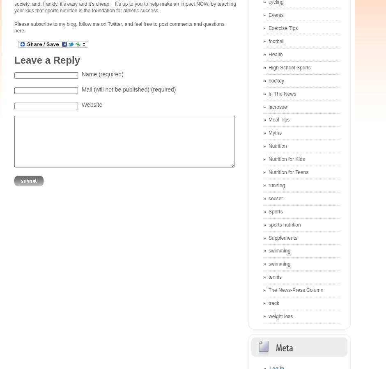 Image resolution: width=386 pixels, height=369 pixels. I want to click on 'In The News', so click(282, 93).